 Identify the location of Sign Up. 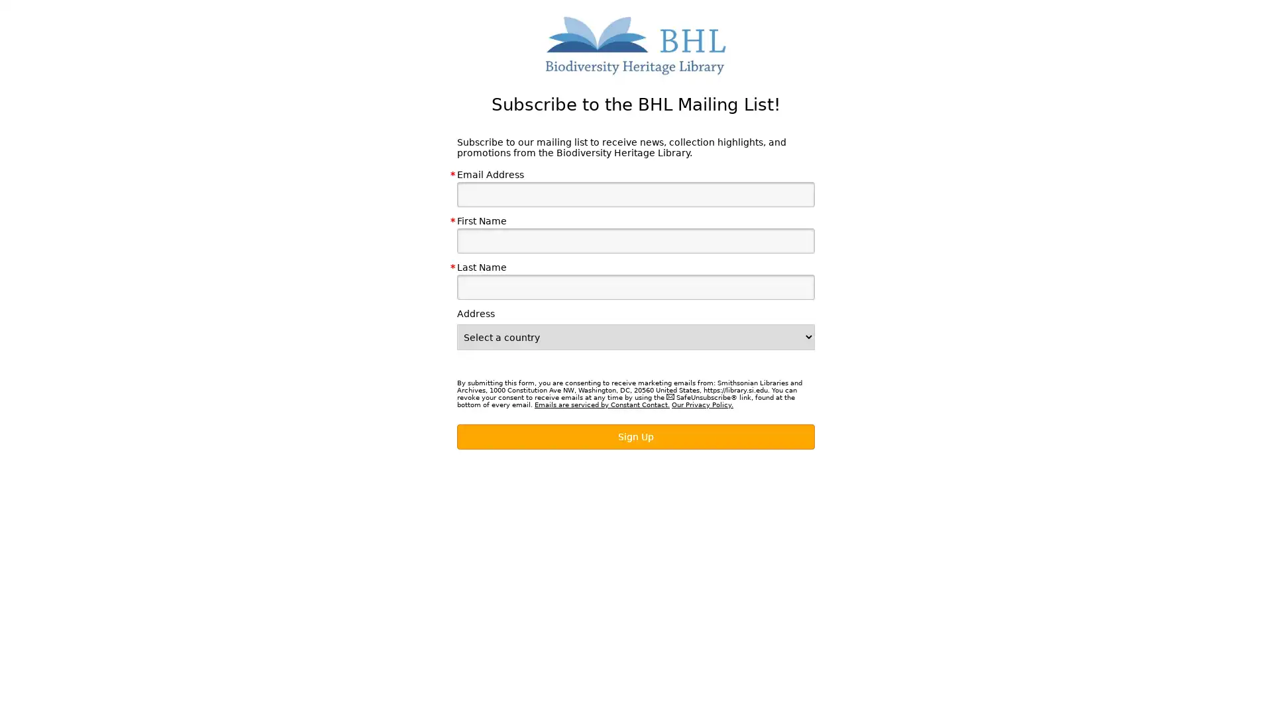
(636, 436).